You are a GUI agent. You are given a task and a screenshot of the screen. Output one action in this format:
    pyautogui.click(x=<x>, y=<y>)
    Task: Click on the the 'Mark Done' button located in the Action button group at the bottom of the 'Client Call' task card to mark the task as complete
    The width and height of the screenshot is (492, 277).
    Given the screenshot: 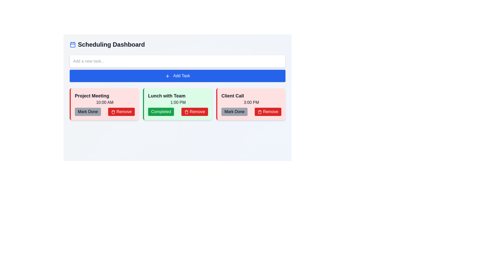 What is the action you would take?
    pyautogui.click(x=251, y=111)
    